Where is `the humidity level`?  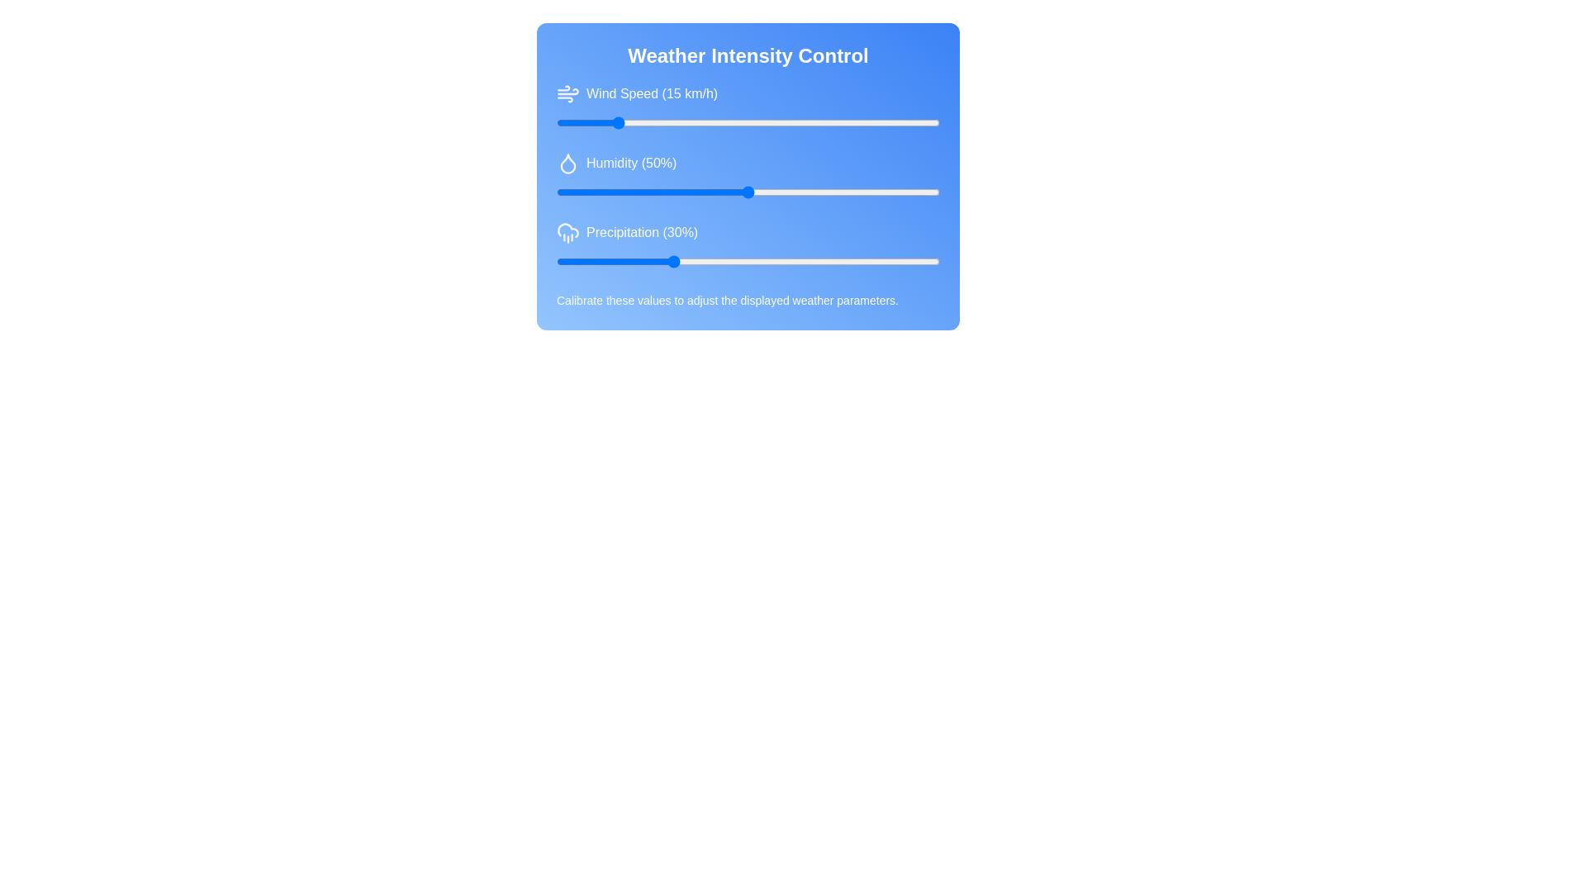
the humidity level is located at coordinates (758, 191).